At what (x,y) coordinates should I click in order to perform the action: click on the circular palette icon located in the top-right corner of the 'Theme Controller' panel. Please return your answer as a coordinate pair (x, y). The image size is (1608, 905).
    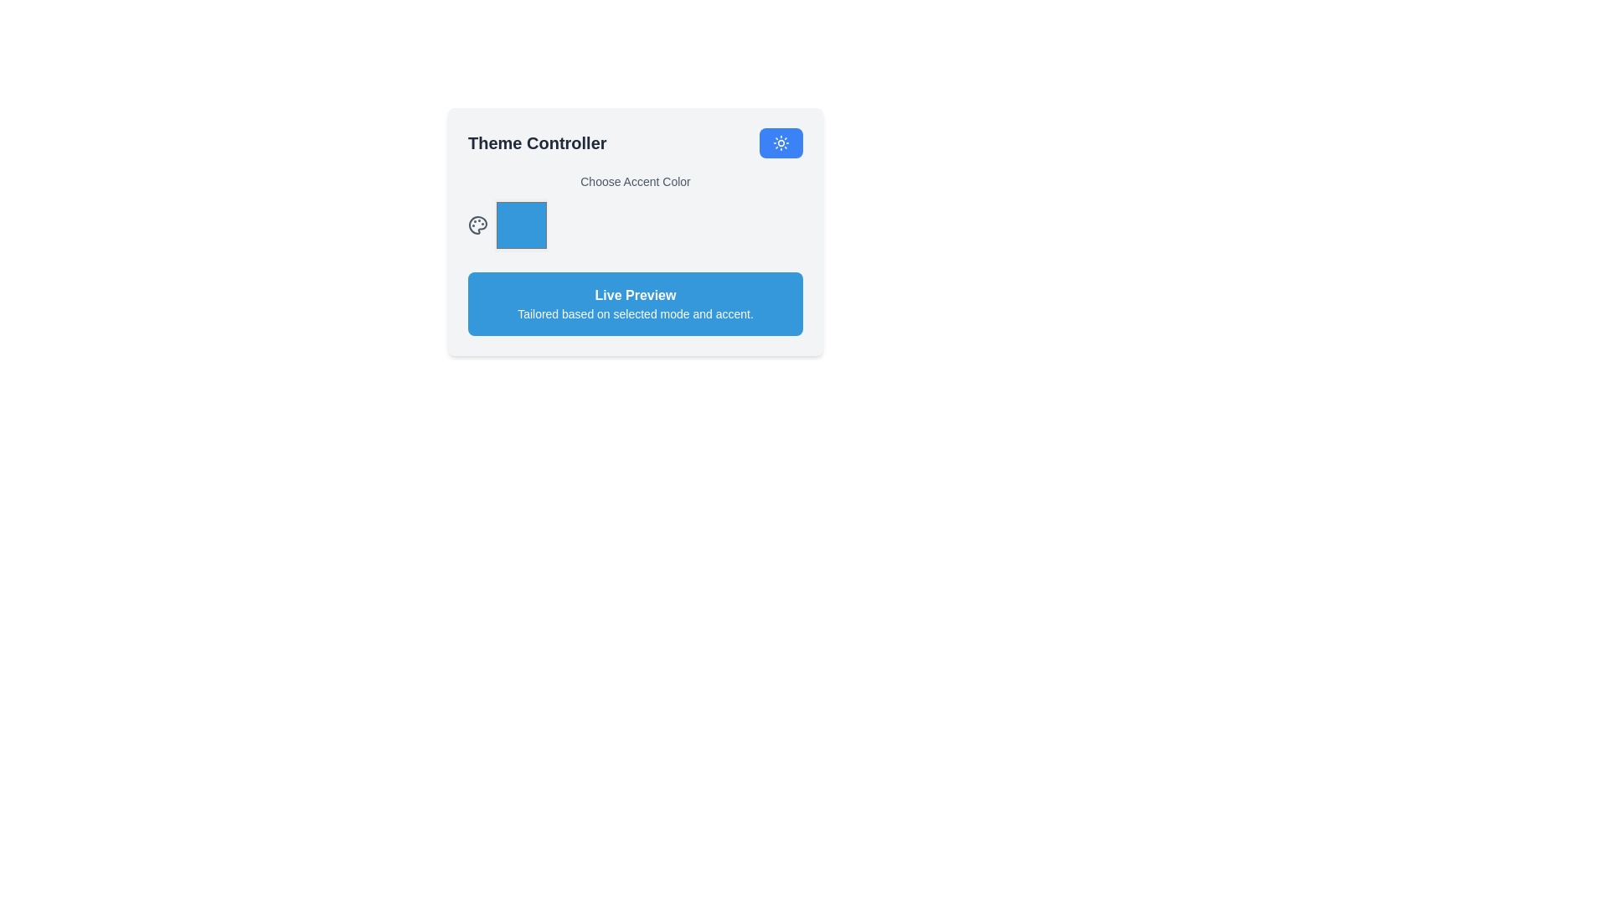
    Looking at the image, I should click on (477, 225).